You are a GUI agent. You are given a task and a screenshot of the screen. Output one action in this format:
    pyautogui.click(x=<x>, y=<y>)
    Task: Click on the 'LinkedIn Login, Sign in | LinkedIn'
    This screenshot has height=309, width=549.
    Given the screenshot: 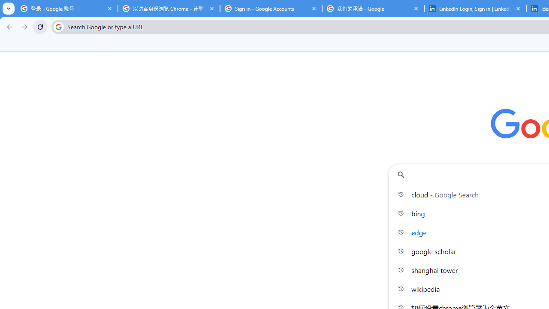 What is the action you would take?
    pyautogui.click(x=475, y=9)
    